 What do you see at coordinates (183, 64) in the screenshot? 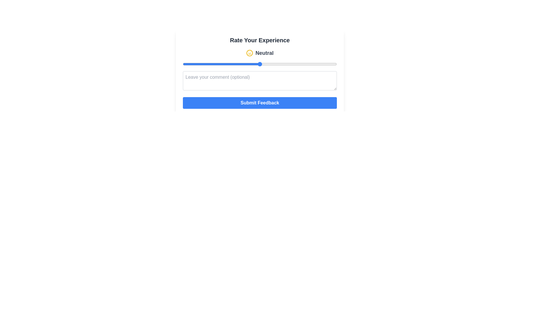
I see `the rating slider to set the rating to 1 (1 to 5)` at bounding box center [183, 64].